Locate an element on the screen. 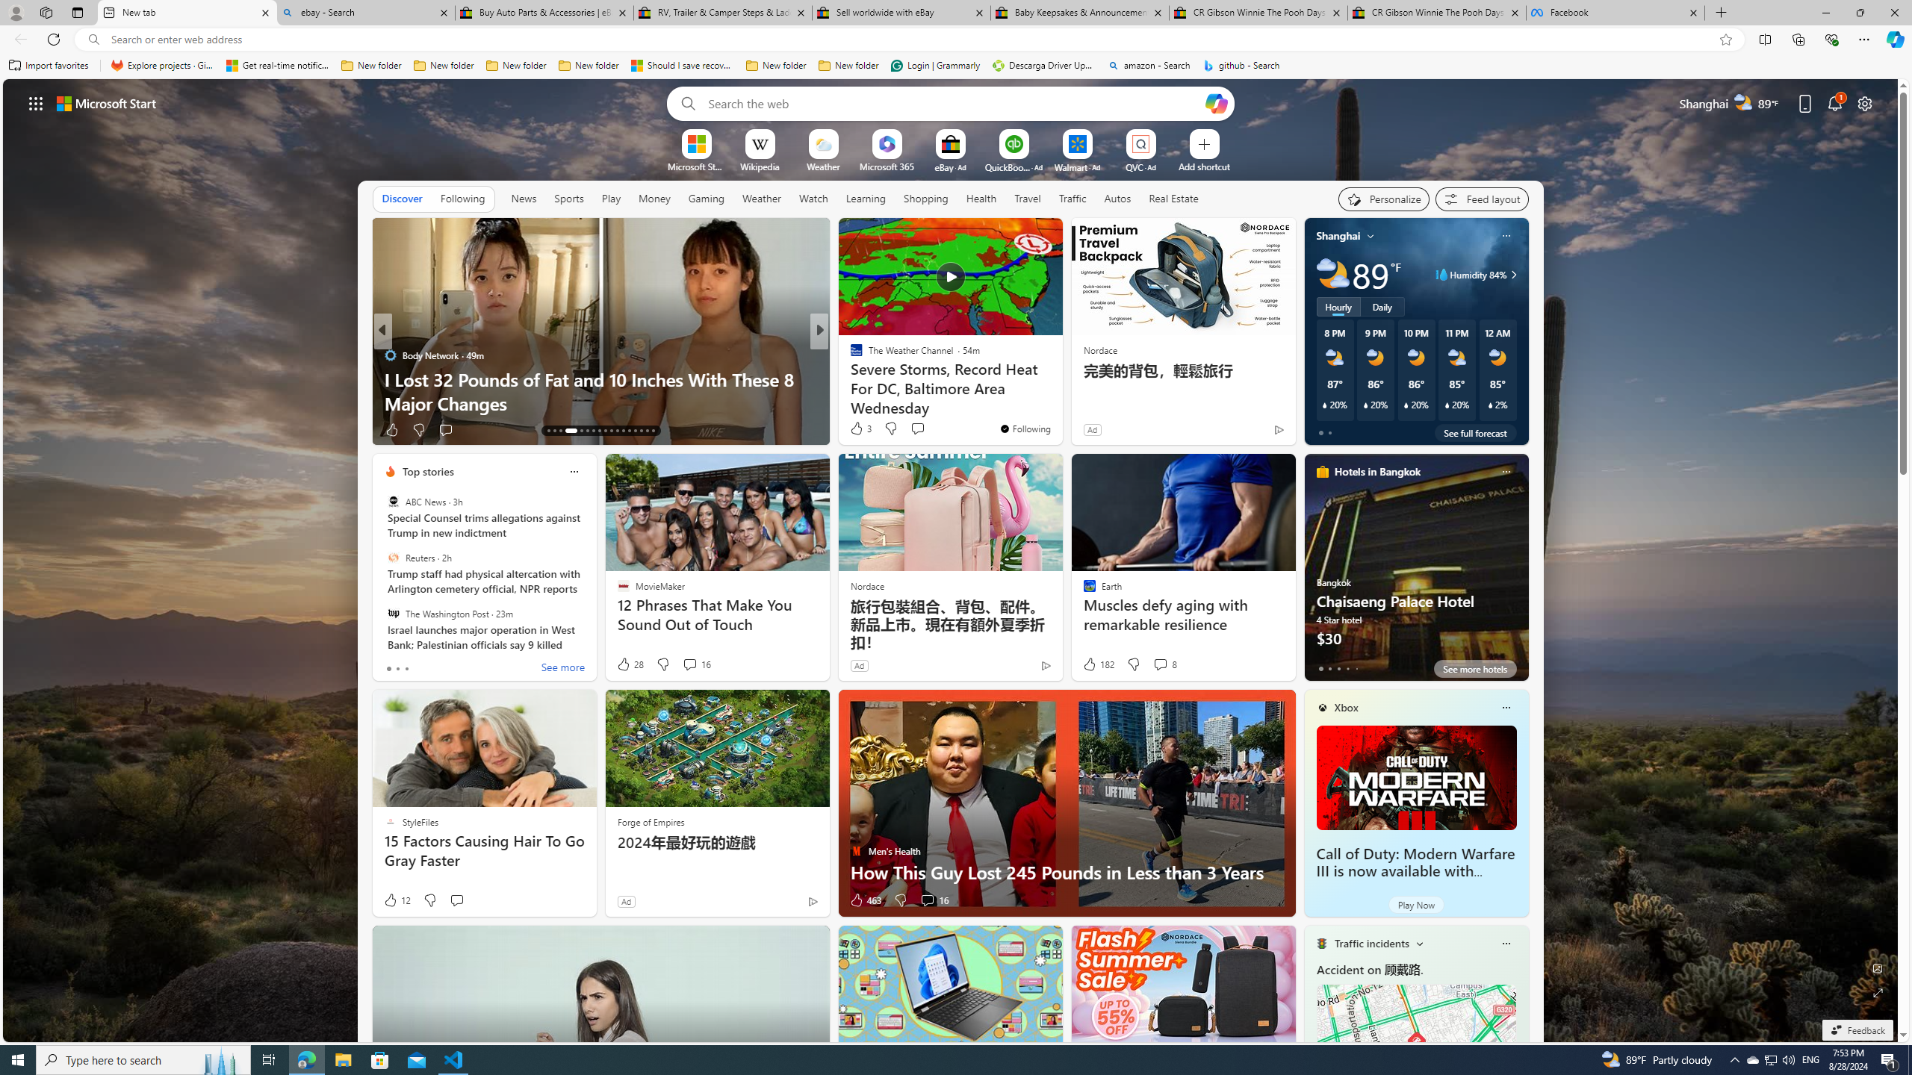  '7 Like' is located at coordinates (855, 429).